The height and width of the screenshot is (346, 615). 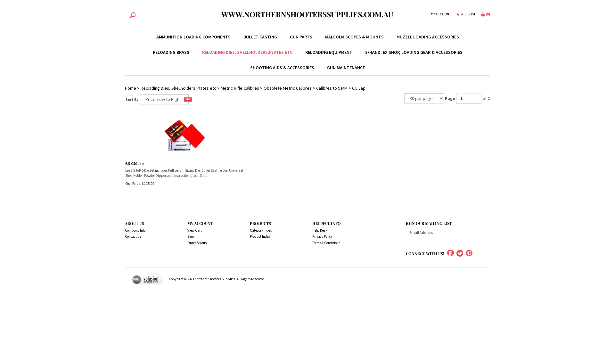 What do you see at coordinates (287, 88) in the screenshot?
I see `'Obsolete Metric Calibres'` at bounding box center [287, 88].